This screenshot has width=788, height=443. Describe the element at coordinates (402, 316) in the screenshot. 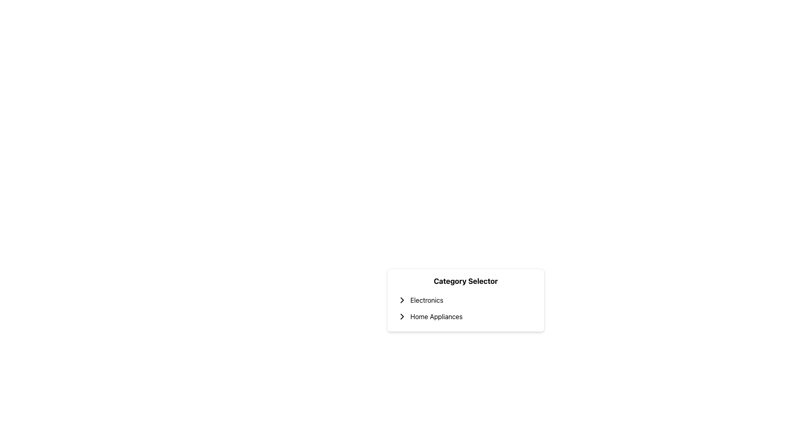

I see `the arrow icon indicating the expandable subtree for 'Home Appliances' to expand the subcategory` at that location.